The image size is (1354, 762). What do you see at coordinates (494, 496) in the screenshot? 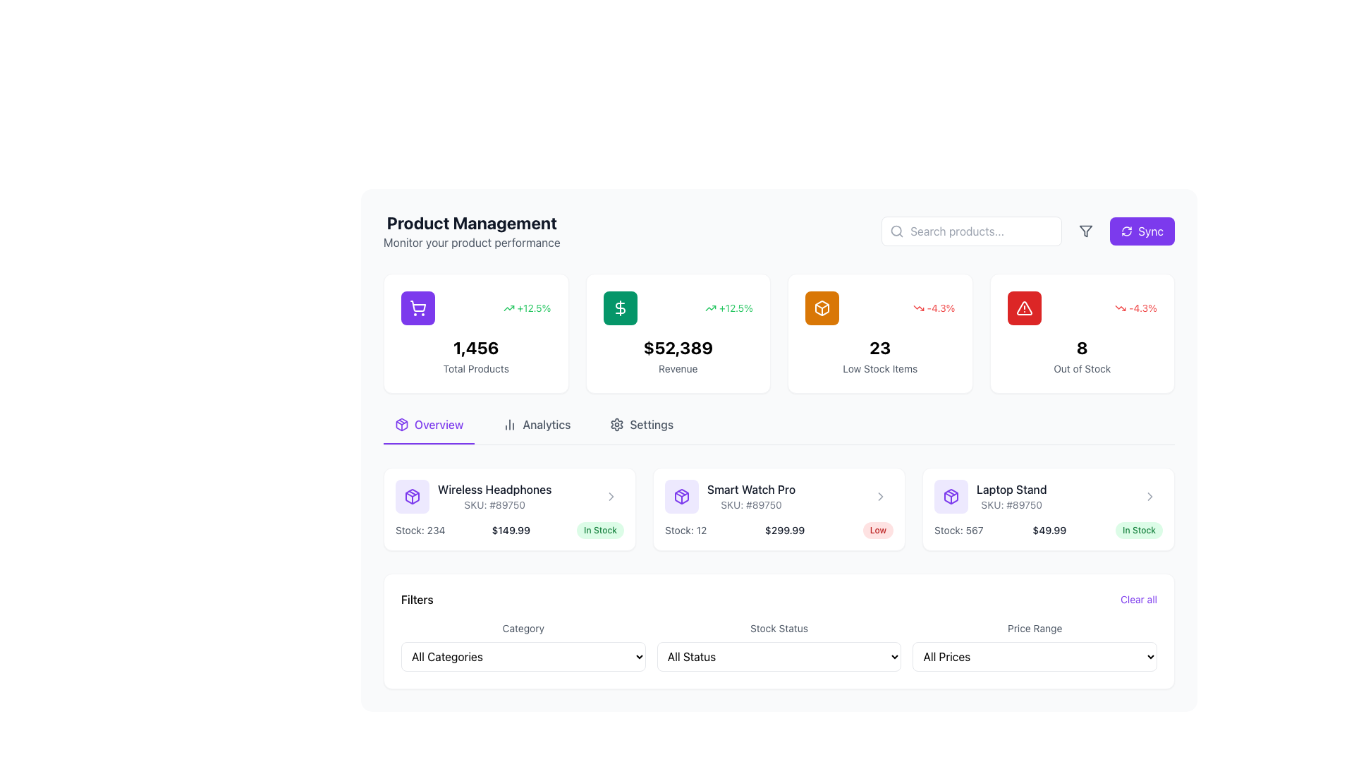
I see `the static text component that displays product details, including its name and SKU identifier, located in the second row of the interface, first from the left` at bounding box center [494, 496].